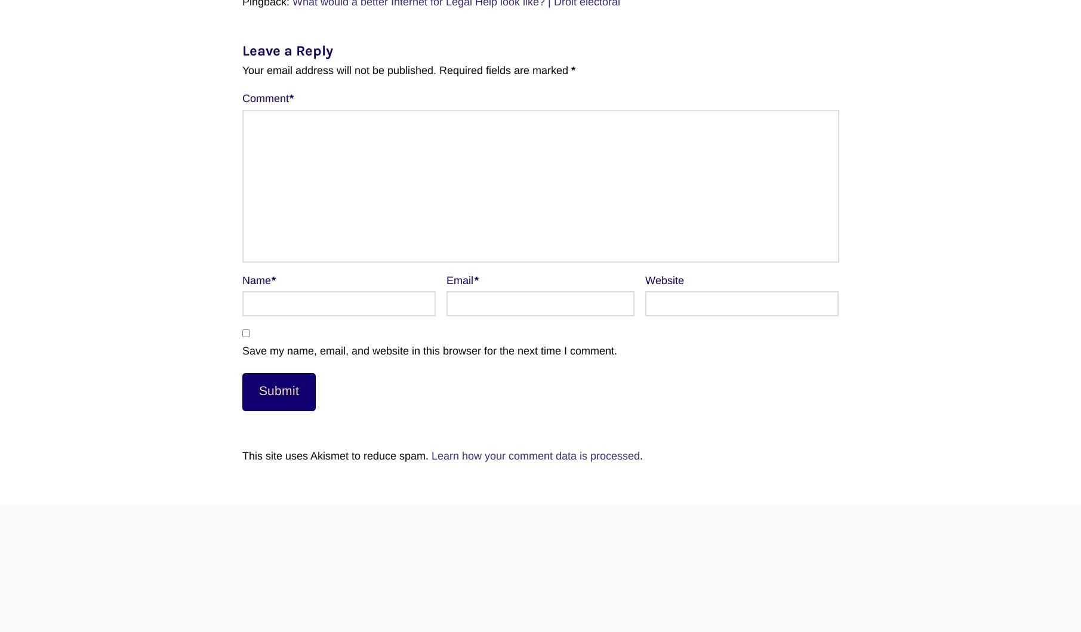  I want to click on '.', so click(640, 455).